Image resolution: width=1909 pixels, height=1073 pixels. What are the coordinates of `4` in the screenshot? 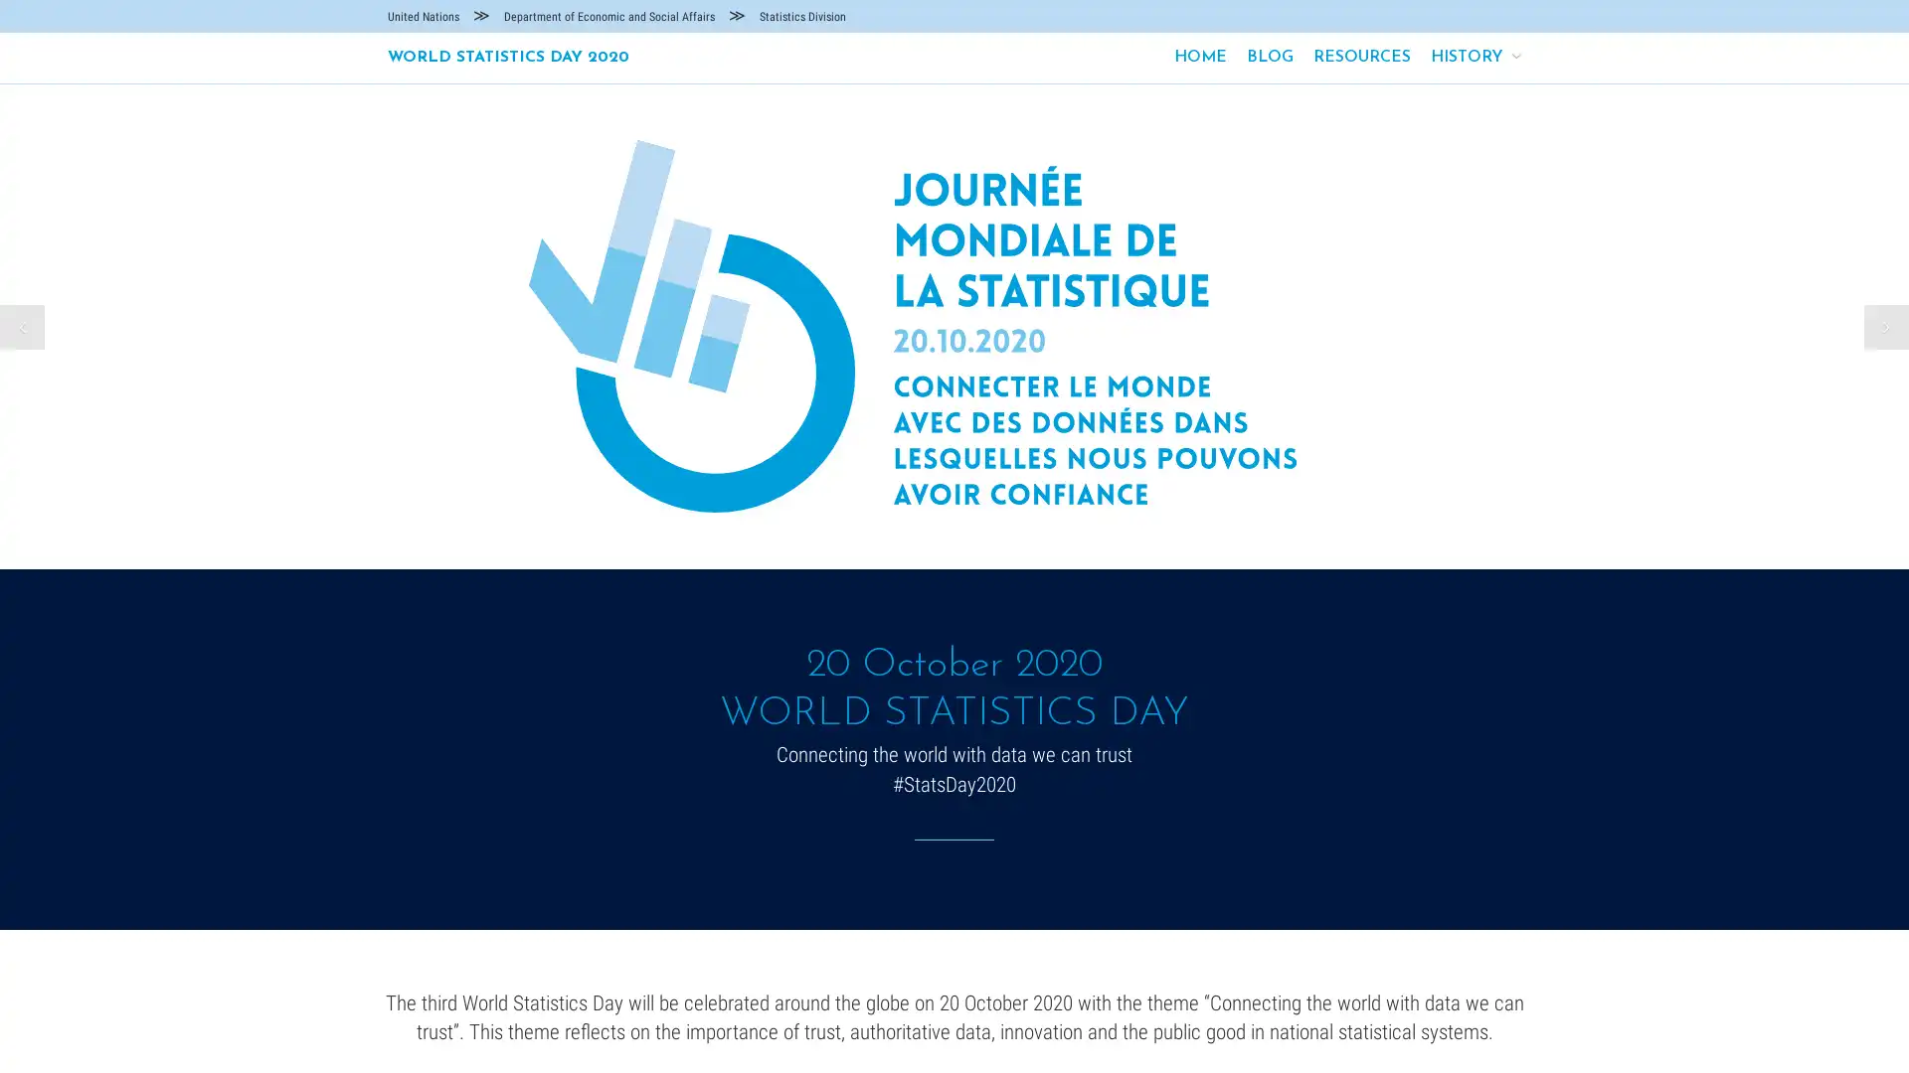 It's located at (964, 531).